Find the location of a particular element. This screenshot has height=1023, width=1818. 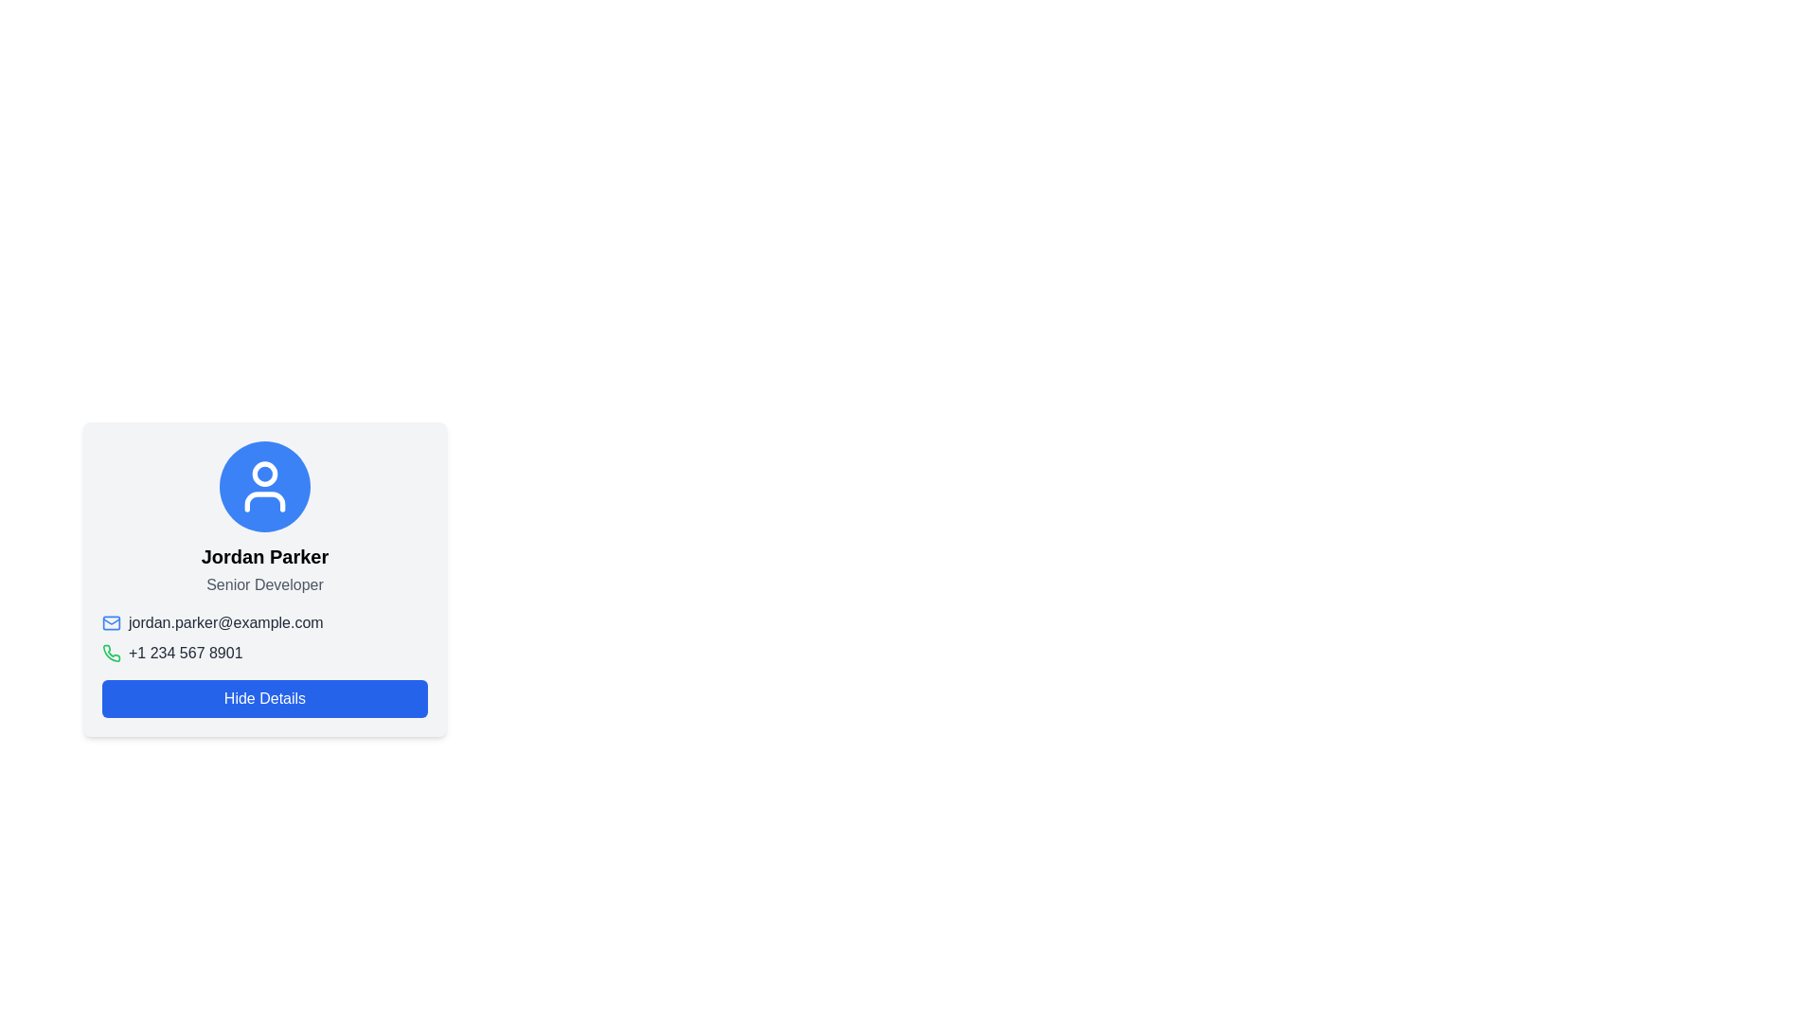

the profile icon representing the user's account, located centrally at the top of the card layout above the text 'Jordan Parker' and 'Senior Developer' is located at coordinates (263, 485).